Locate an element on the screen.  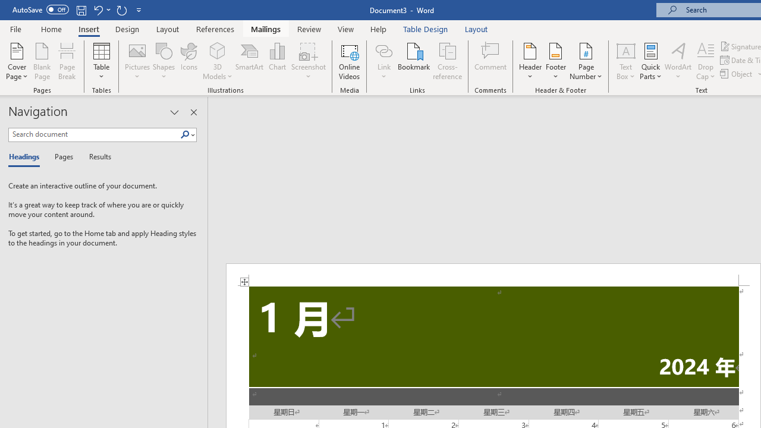
'Header' is located at coordinates (530, 61).